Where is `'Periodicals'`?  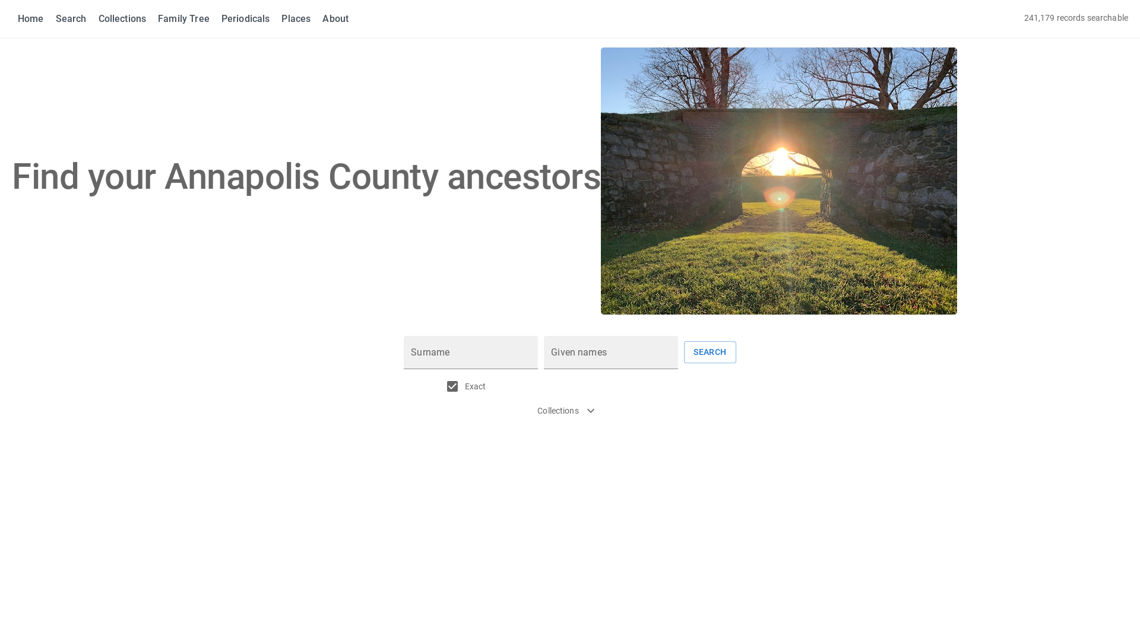 'Periodicals' is located at coordinates (221, 18).